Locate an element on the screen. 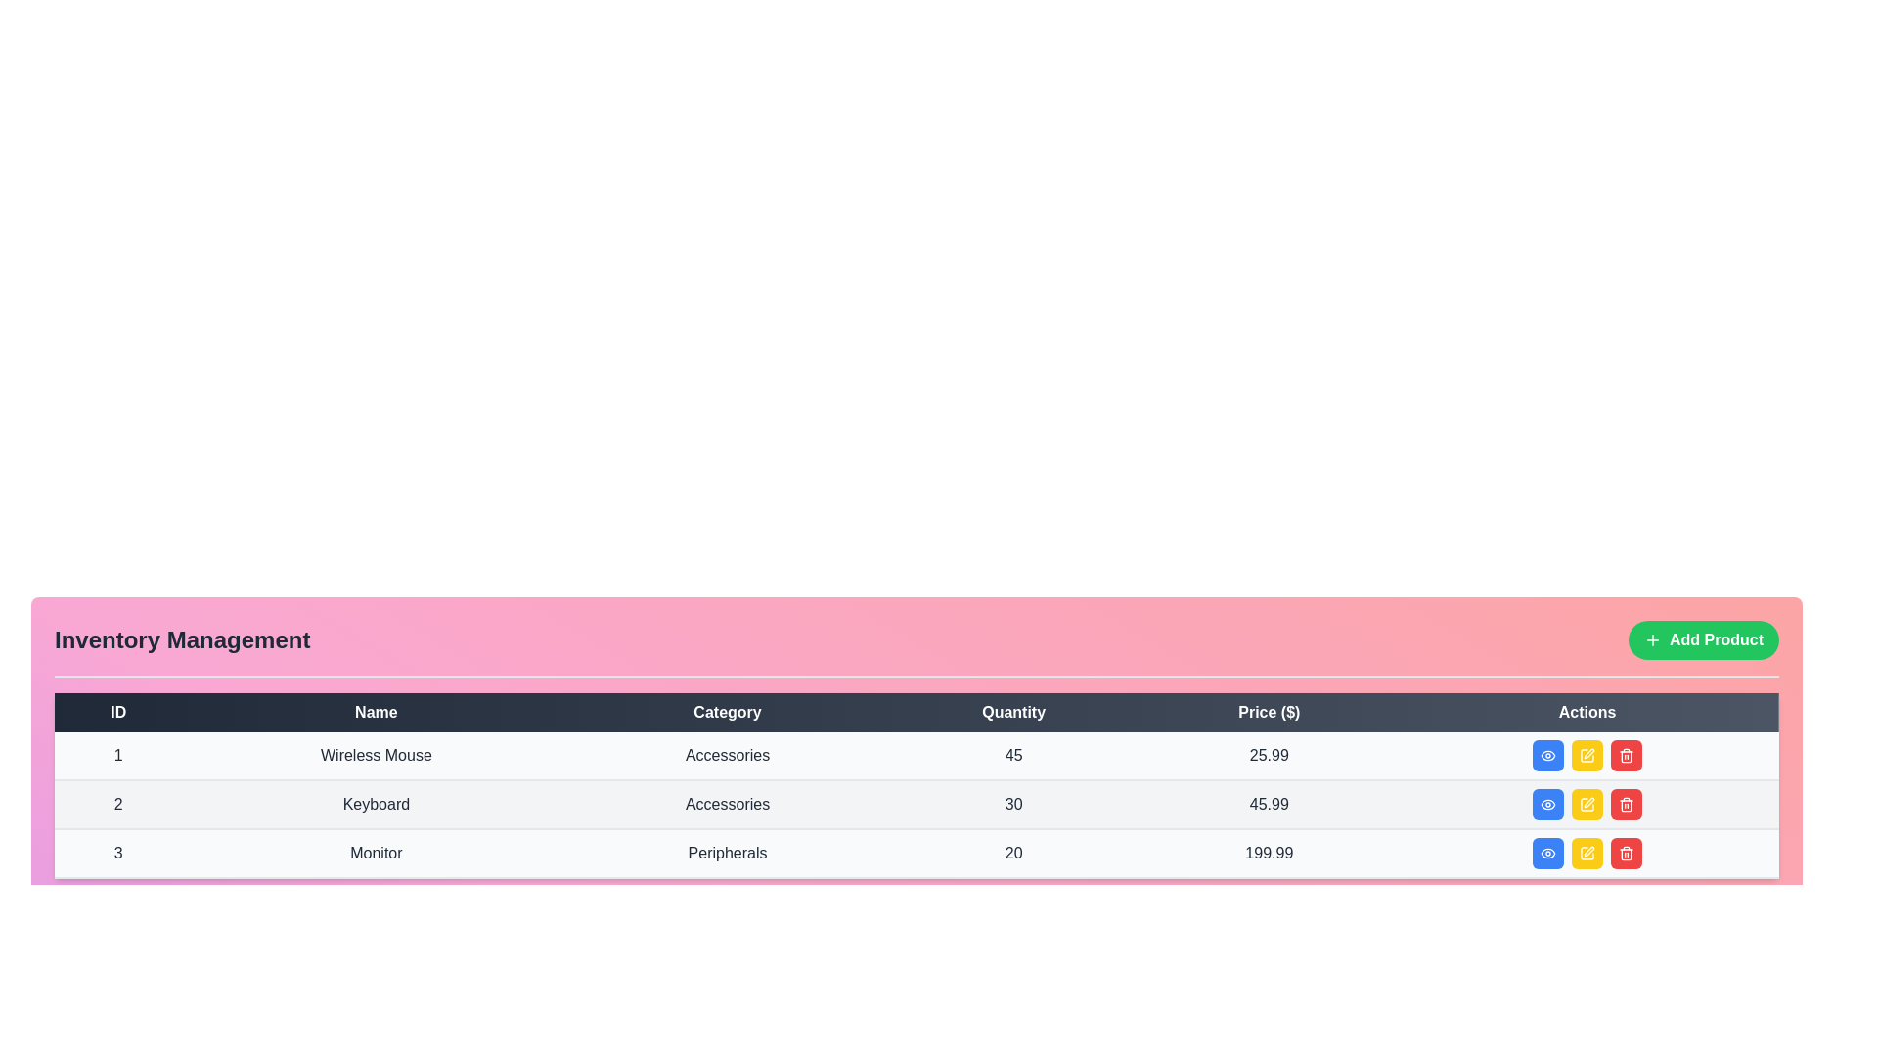  the yellow edit button located in the 'Actions' column of the third row in the table to trigger styling changes is located at coordinates (1587, 852).